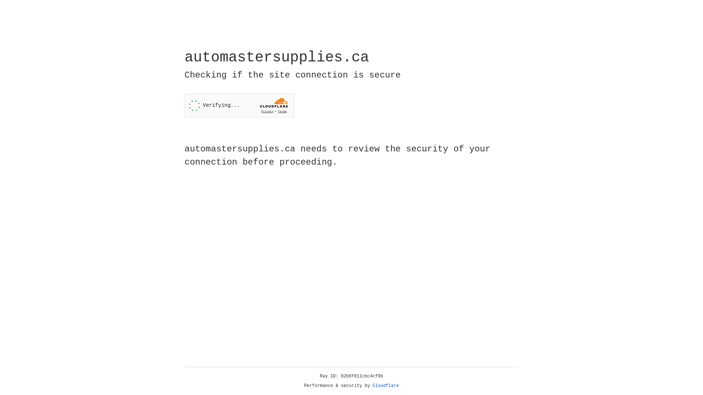 Image resolution: width=703 pixels, height=395 pixels. What do you see at coordinates (239, 105) in the screenshot?
I see `'Widget containing a Cloudflare security challenge'` at bounding box center [239, 105].